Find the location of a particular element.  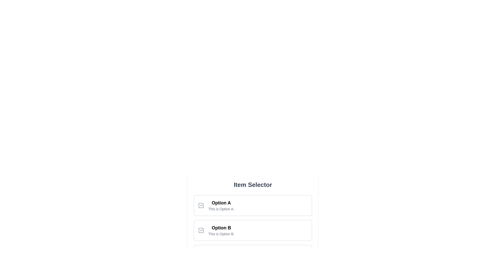

the Text block that serves as a label for the first selectable option, which is positioned to the right of a checkbox icon and above 'Option B' is located at coordinates (221, 205).